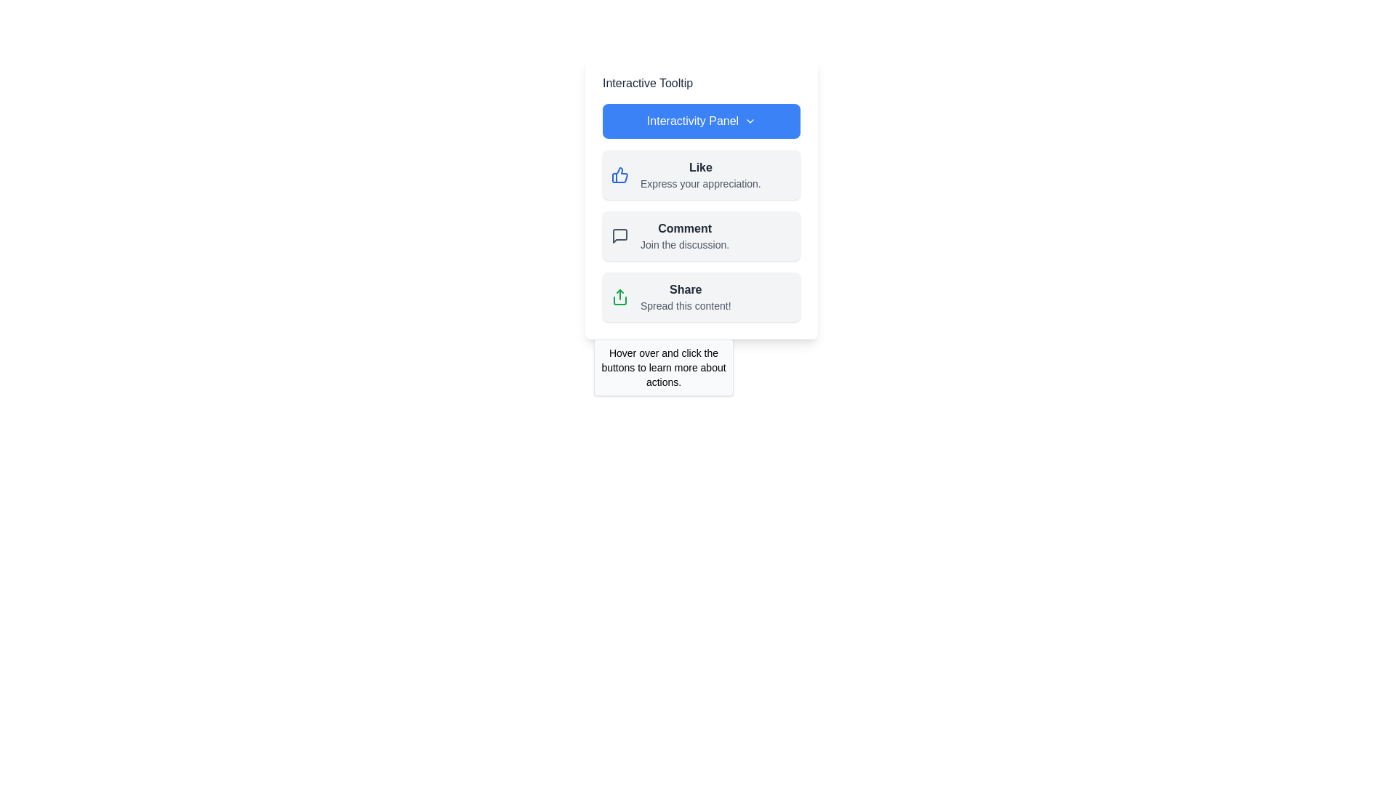 The height and width of the screenshot is (785, 1396). Describe the element at coordinates (647, 84) in the screenshot. I see `the text label displaying 'Interactive Tooltip' which is styled in medium-weight gray (#333333) and located at the top of the interactivity section panel` at that location.